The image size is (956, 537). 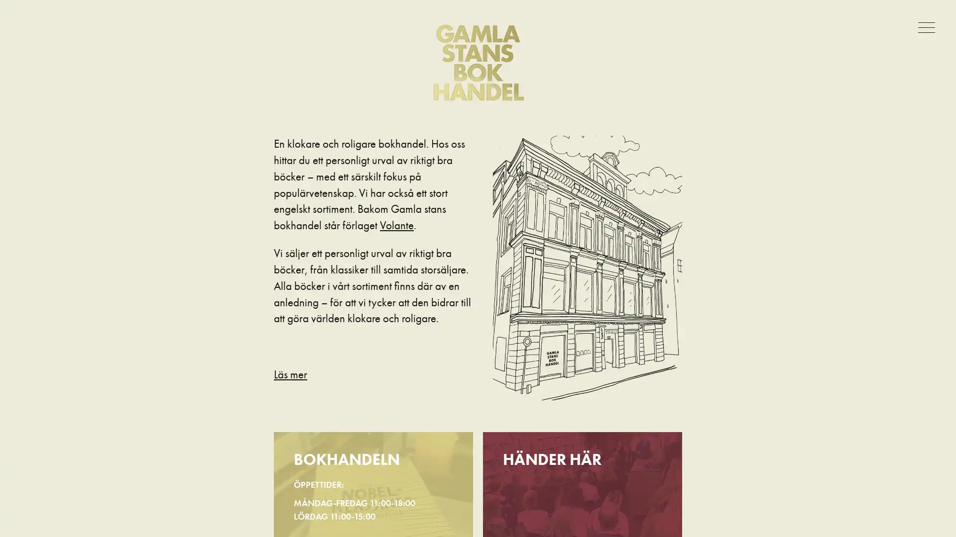 What do you see at coordinates (437, 317) in the screenshot?
I see `Prenumerera` at bounding box center [437, 317].